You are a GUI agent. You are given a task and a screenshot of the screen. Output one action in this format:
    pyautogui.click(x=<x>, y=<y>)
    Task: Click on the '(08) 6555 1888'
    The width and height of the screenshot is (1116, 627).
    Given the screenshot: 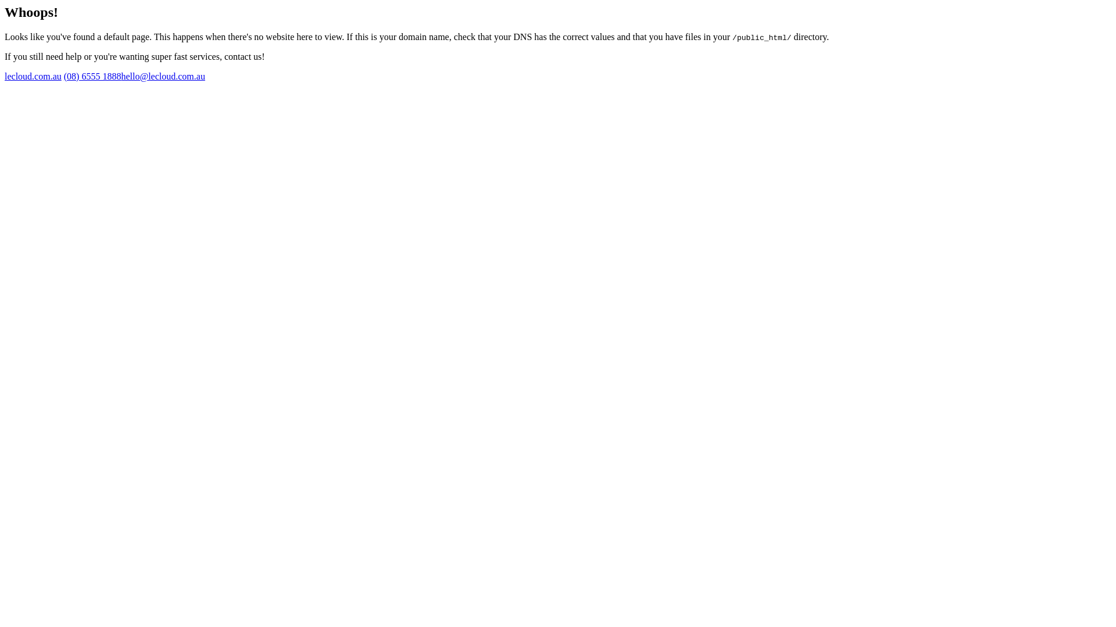 What is the action you would take?
    pyautogui.click(x=63, y=76)
    